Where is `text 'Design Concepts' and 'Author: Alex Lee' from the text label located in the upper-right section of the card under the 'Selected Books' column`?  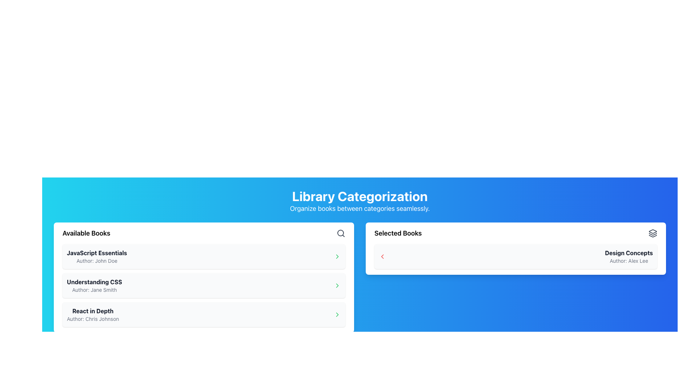 text 'Design Concepts' and 'Author: Alex Lee' from the text label located in the upper-right section of the card under the 'Selected Books' column is located at coordinates (629, 256).